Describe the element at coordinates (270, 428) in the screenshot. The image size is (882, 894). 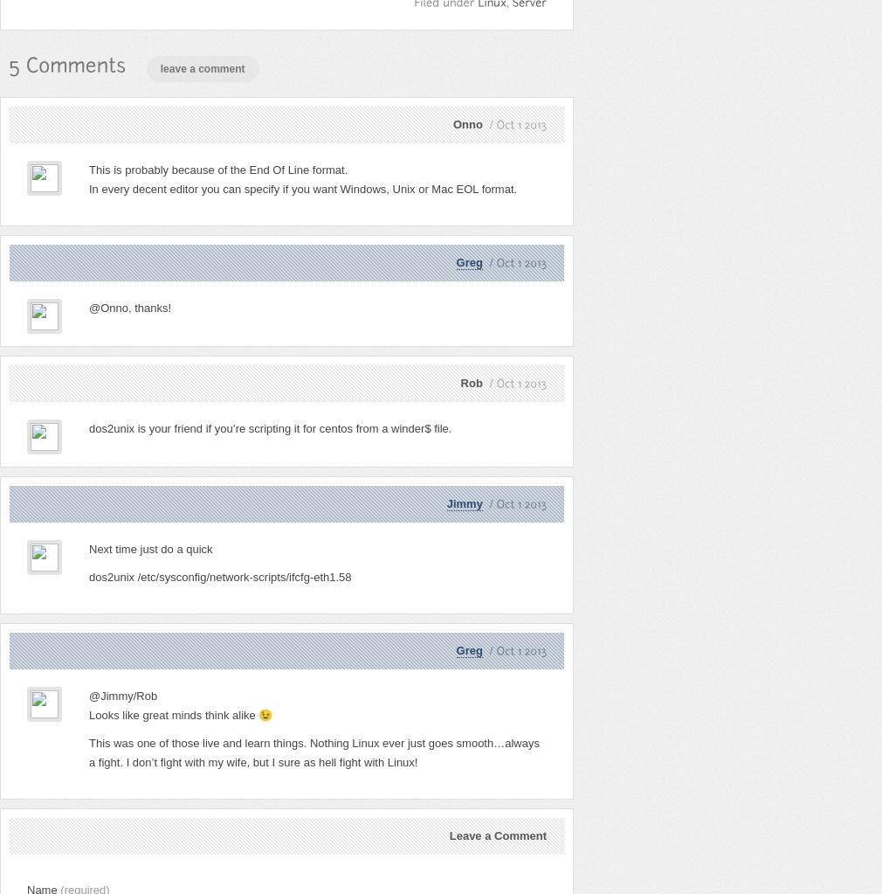
I see `'dos2unix is your friend if you’re scripting it for centos from a winder$ file.'` at that location.